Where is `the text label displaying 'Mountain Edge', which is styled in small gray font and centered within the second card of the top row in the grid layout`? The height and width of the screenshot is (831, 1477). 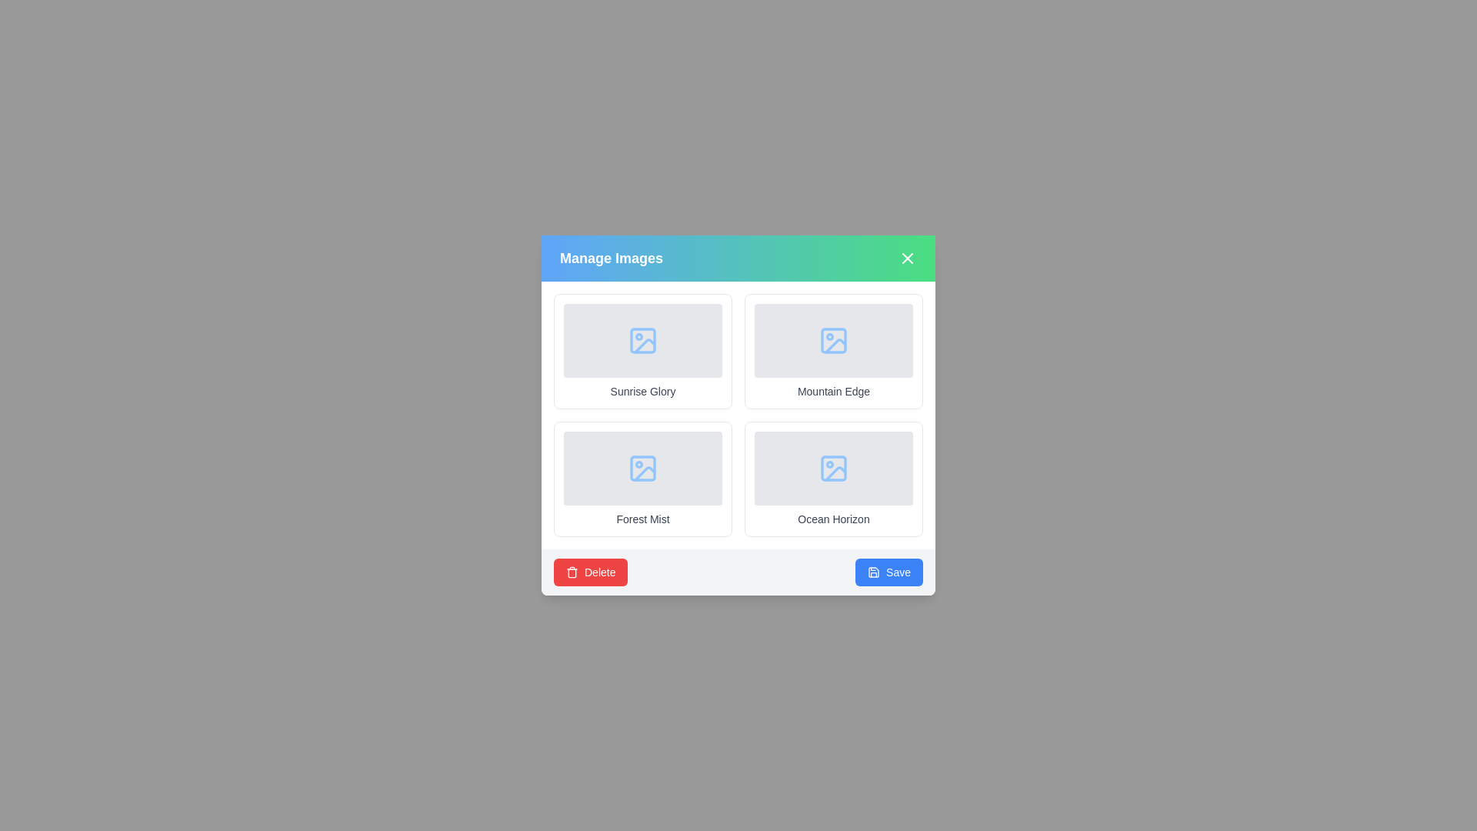 the text label displaying 'Mountain Edge', which is styled in small gray font and centered within the second card of the top row in the grid layout is located at coordinates (833, 391).